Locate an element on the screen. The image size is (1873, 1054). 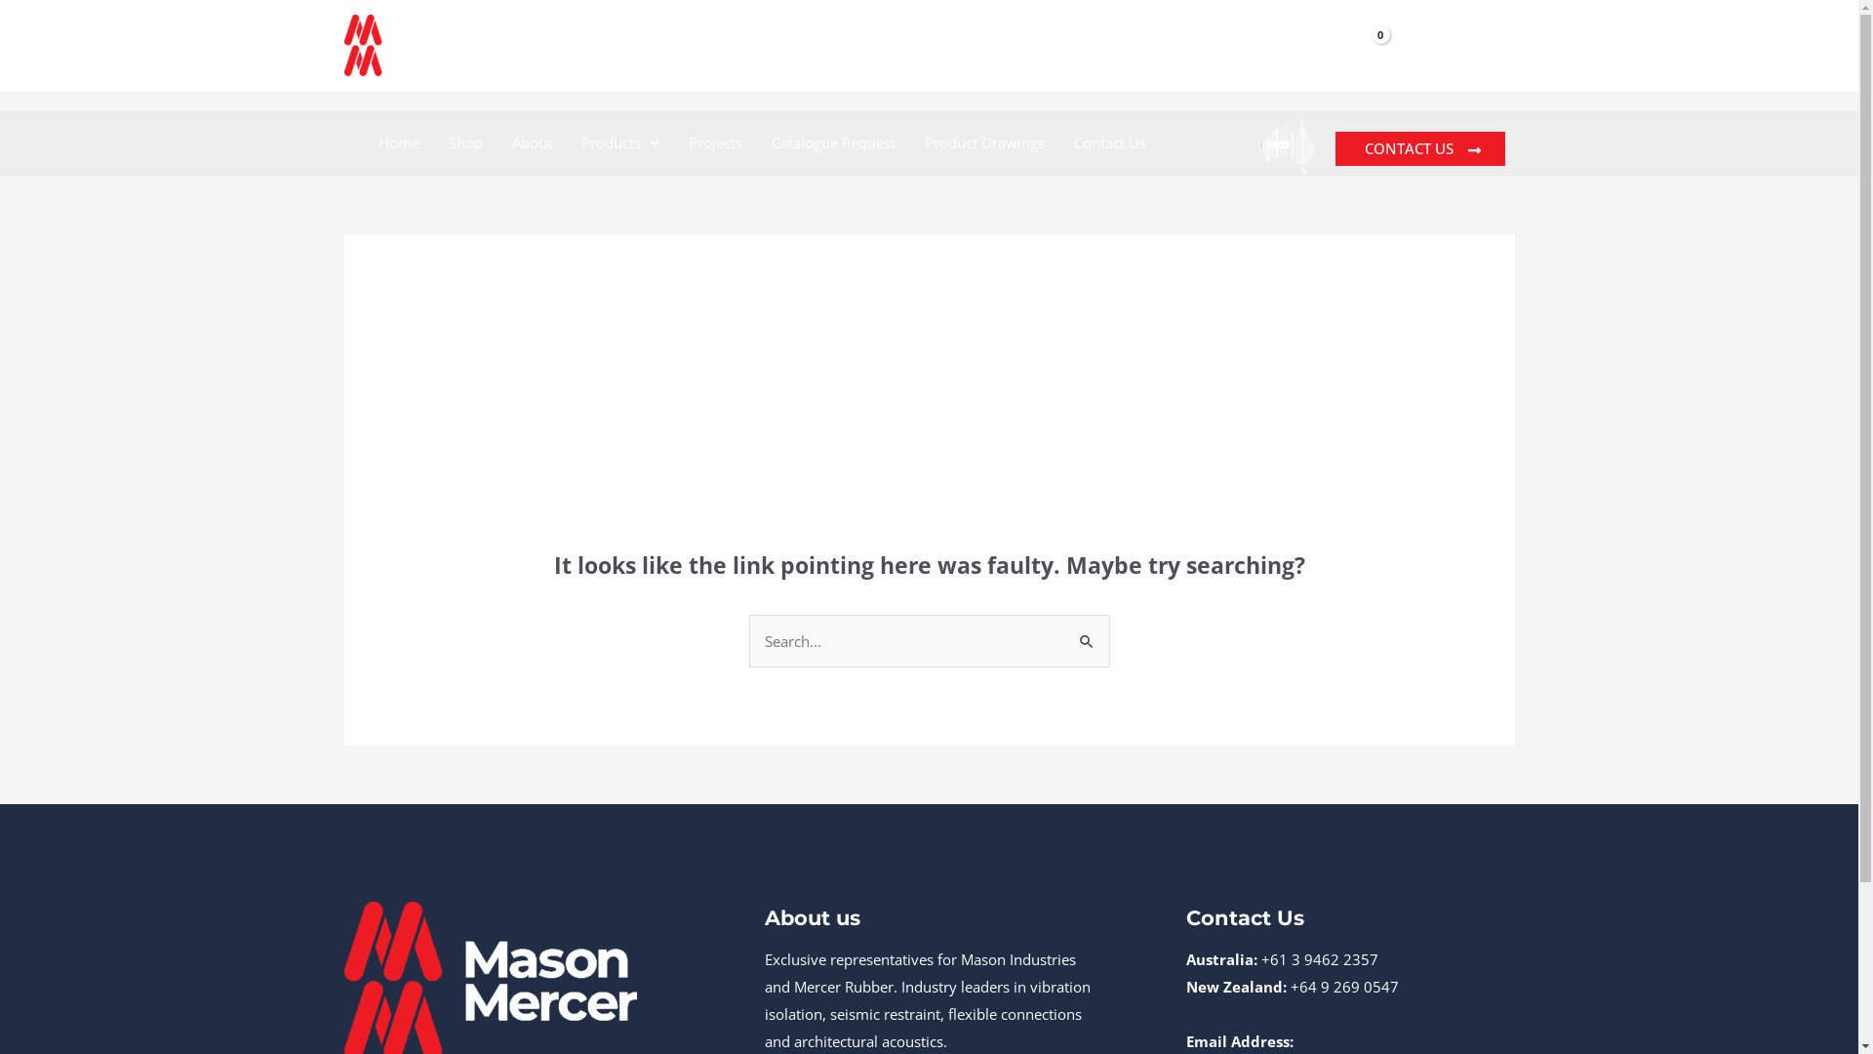
'Contact Us' is located at coordinates (1109, 142).